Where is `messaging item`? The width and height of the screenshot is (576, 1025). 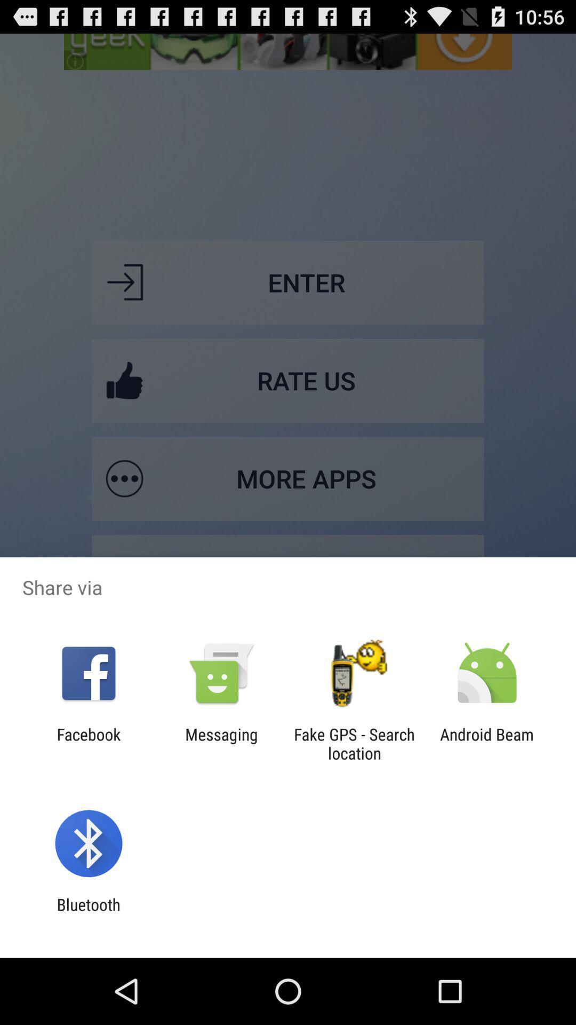
messaging item is located at coordinates (221, 743).